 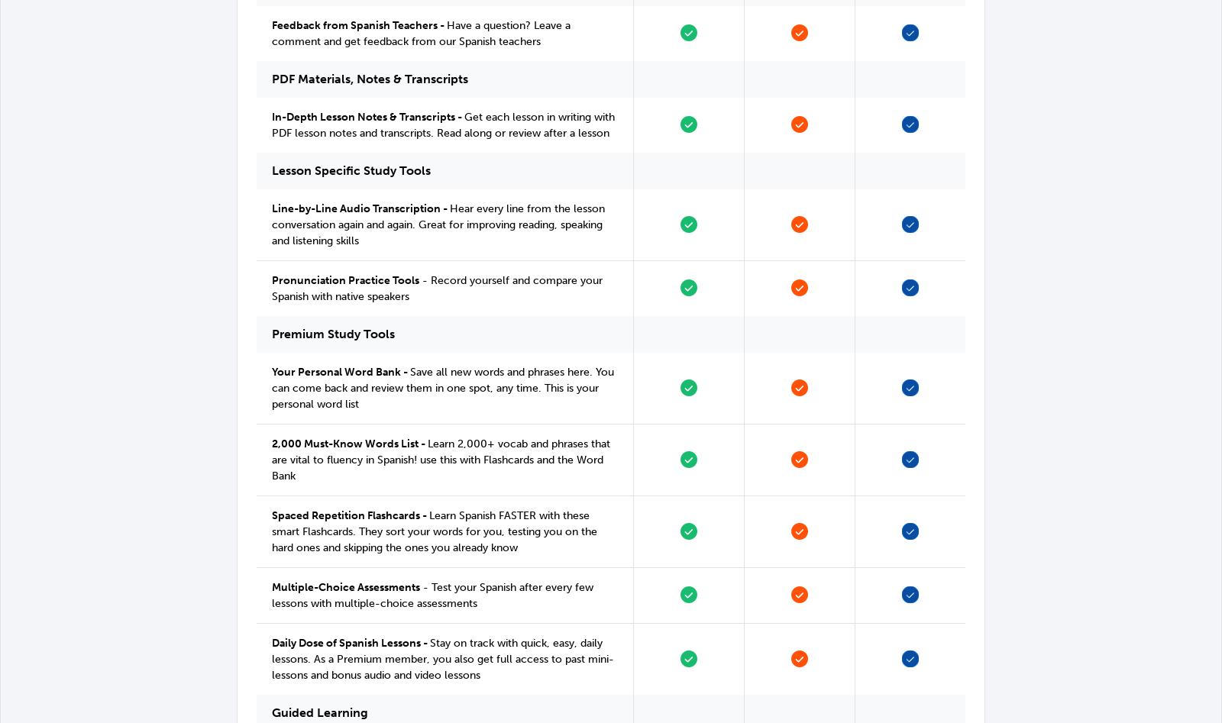 I want to click on 'Daily Dose of Spanish Lessons -', so click(x=350, y=643).